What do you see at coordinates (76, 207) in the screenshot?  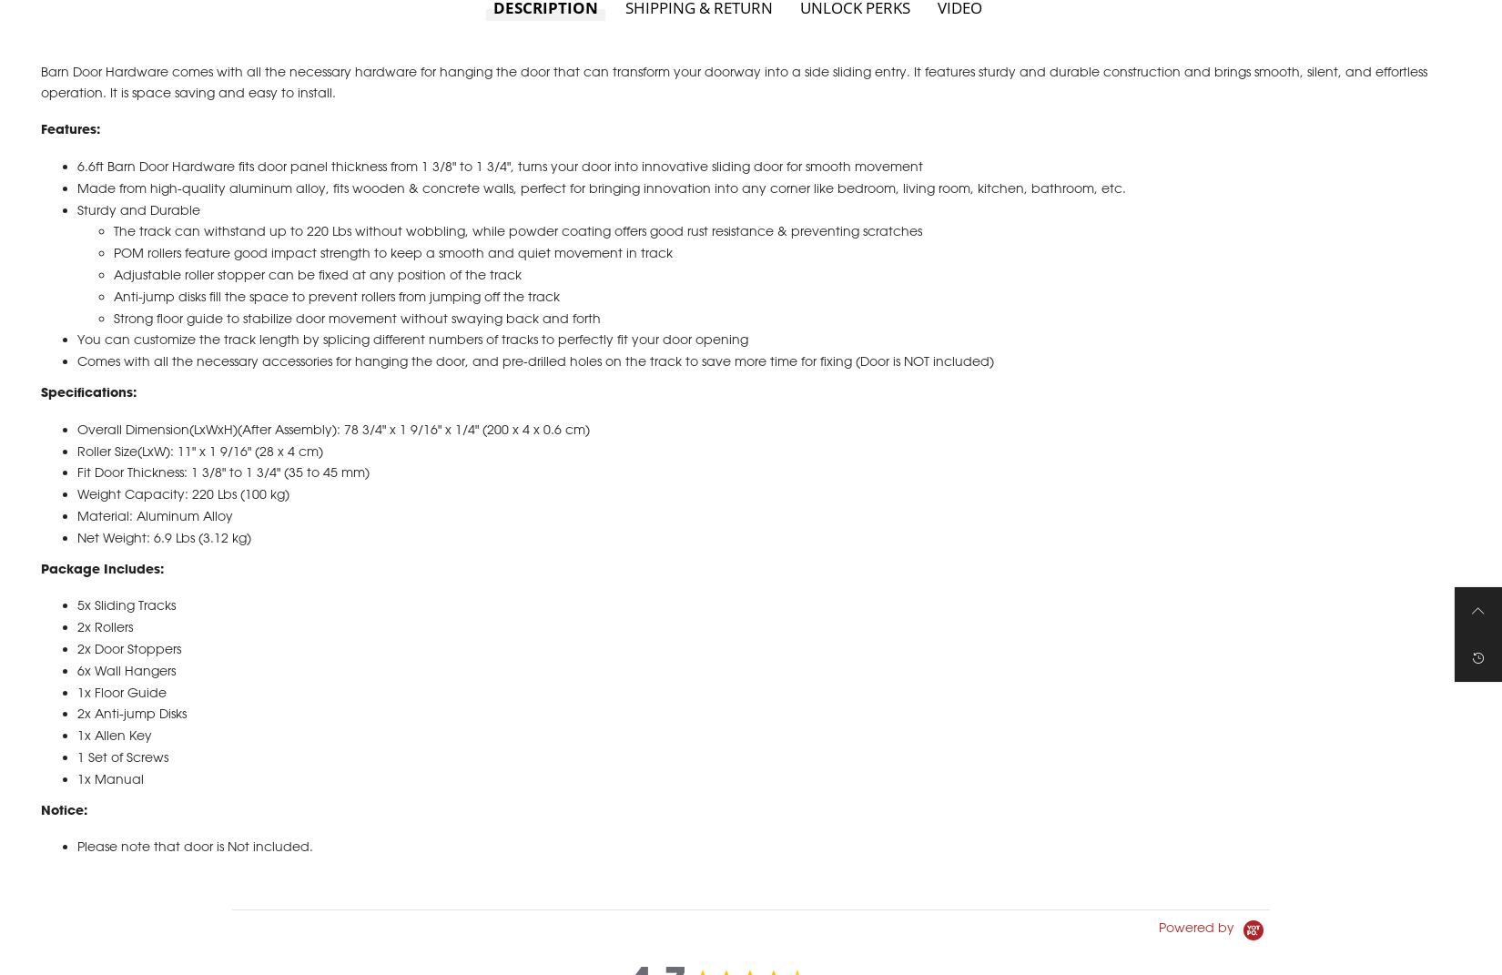 I see `'Made from high-quality aluminum alloy, fits wooden & concrete walls, perfect for bringing innovation into any corner like bedroom, living room, kitchen, bathroom, etc.'` at bounding box center [76, 207].